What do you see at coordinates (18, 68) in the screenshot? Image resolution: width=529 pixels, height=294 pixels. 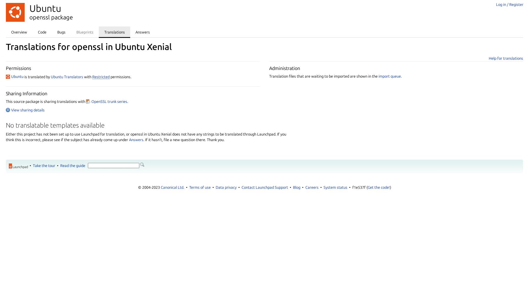 I see `'Permissions'` at bounding box center [18, 68].